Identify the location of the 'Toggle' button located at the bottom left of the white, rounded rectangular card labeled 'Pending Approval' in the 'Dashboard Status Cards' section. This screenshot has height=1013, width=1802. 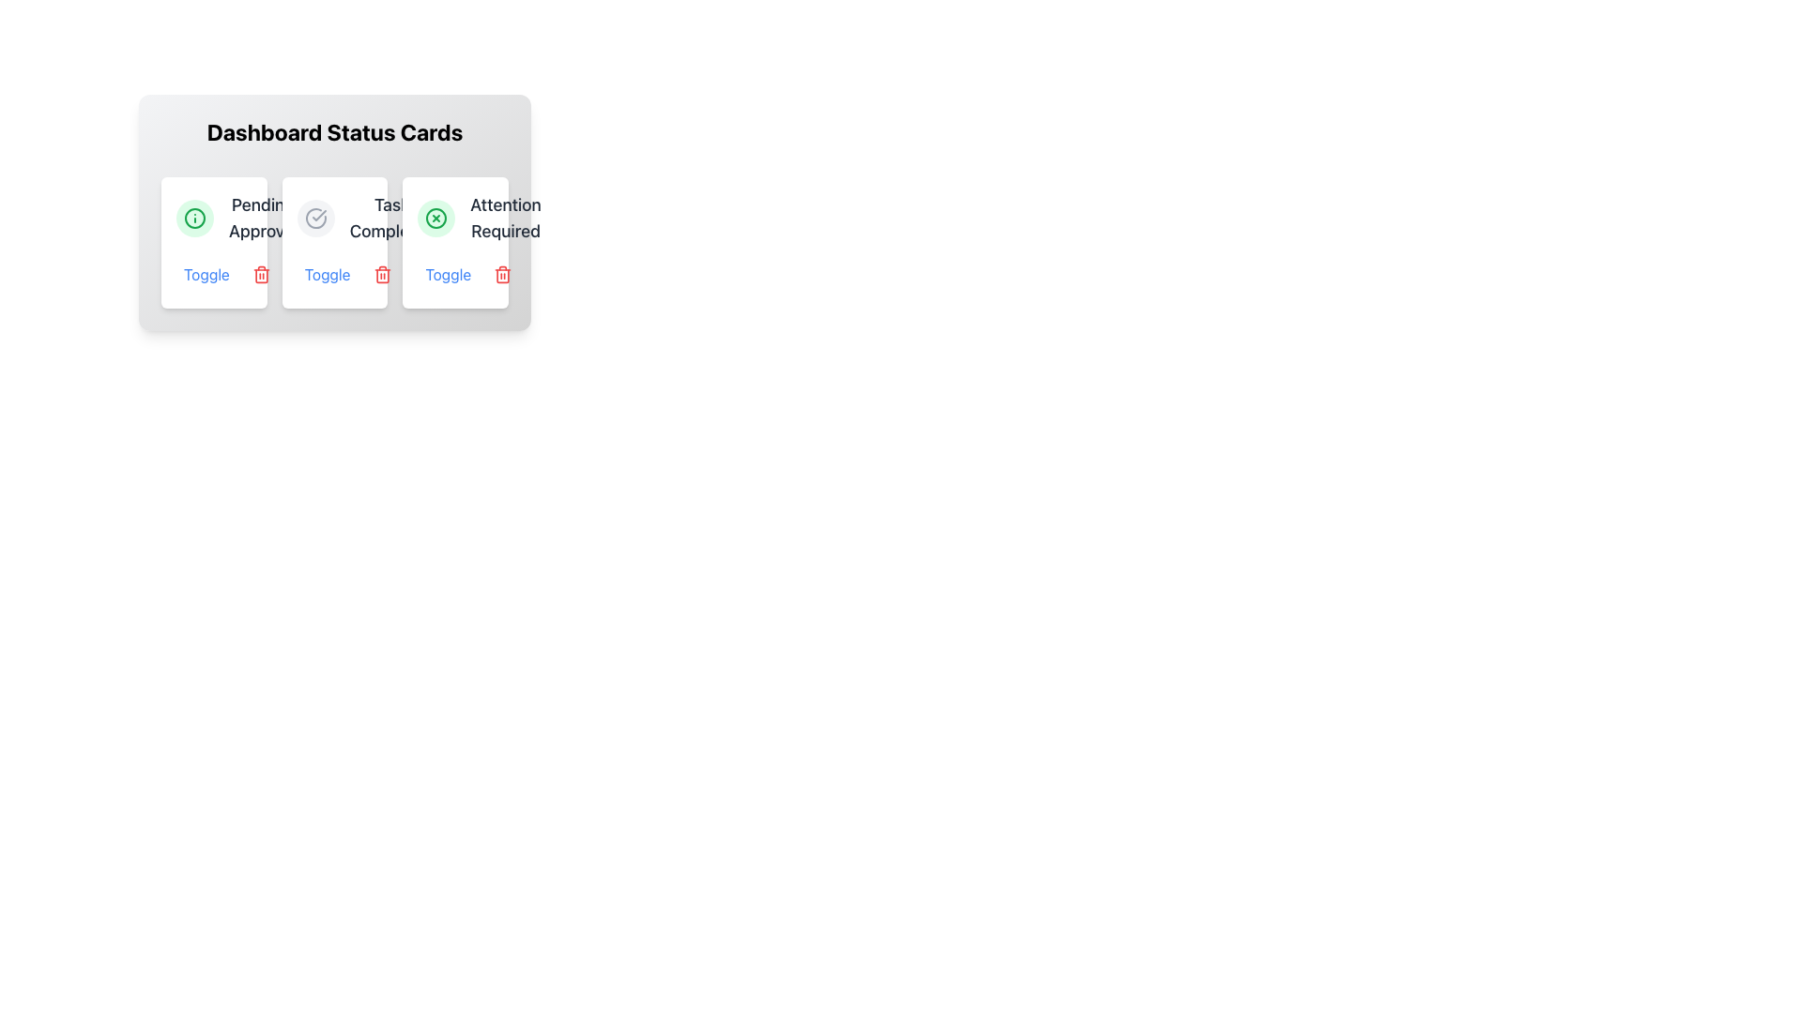
(214, 241).